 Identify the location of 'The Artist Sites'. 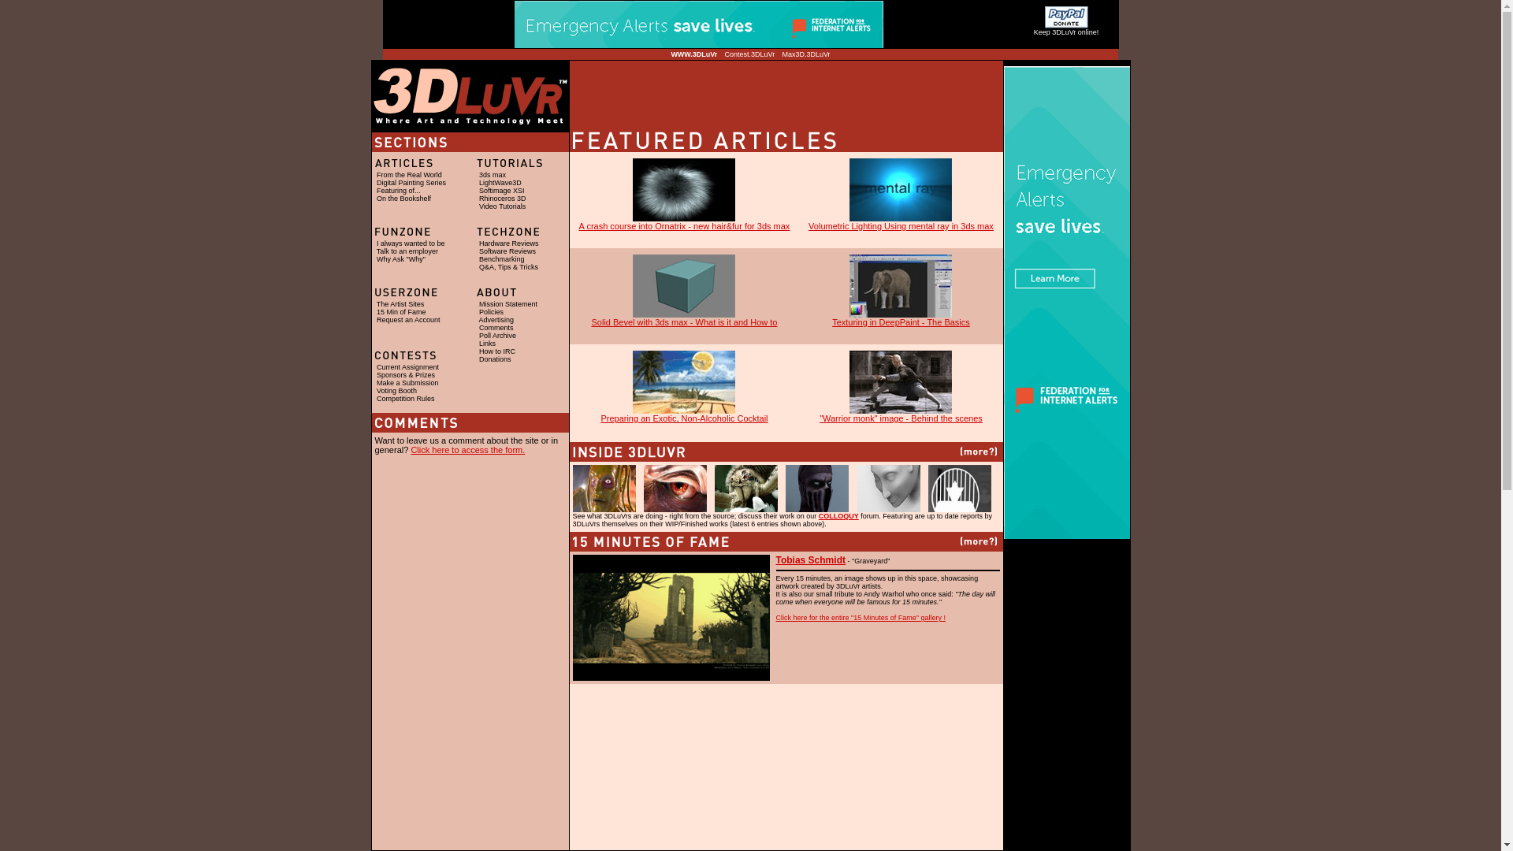
(376, 303).